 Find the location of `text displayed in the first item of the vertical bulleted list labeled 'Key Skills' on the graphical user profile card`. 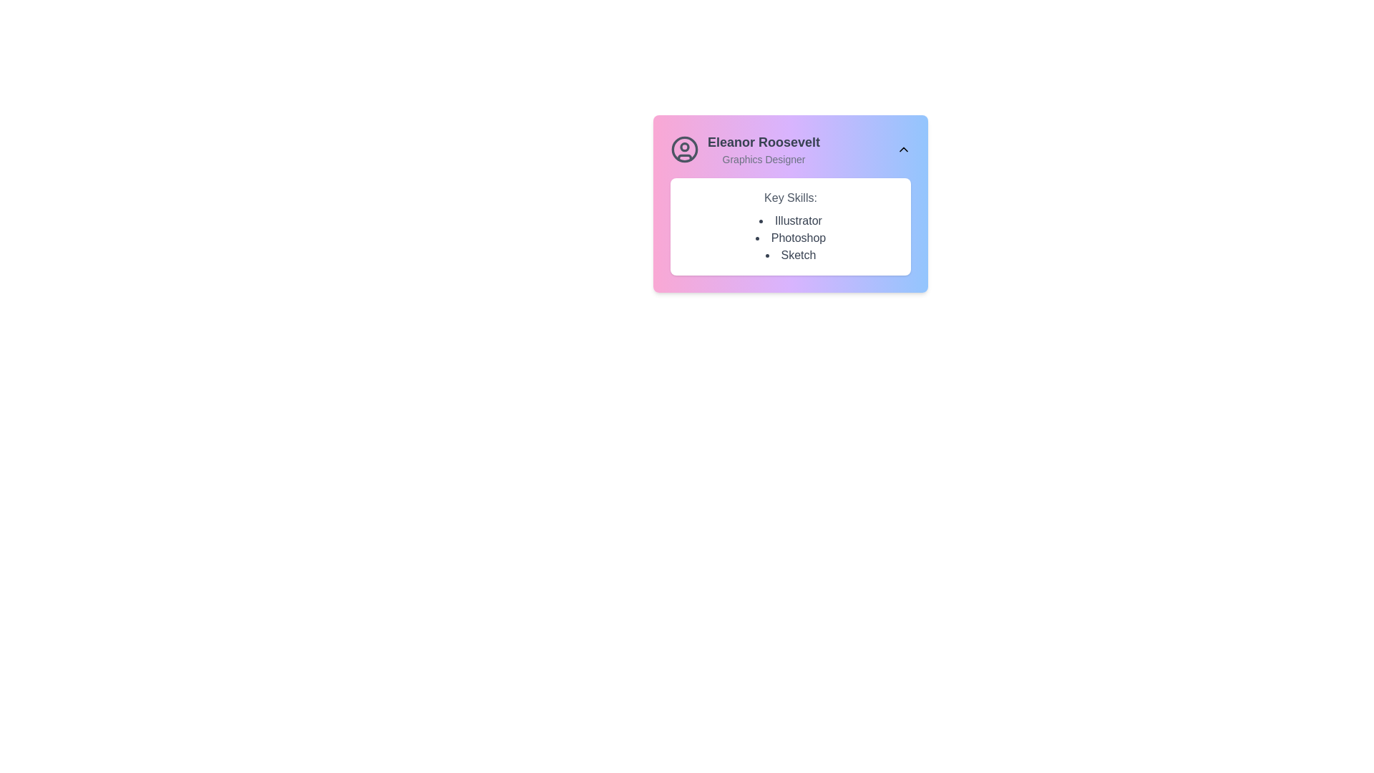

text displayed in the first item of the vertical bulleted list labeled 'Key Skills' on the graphical user profile card is located at coordinates (789, 220).